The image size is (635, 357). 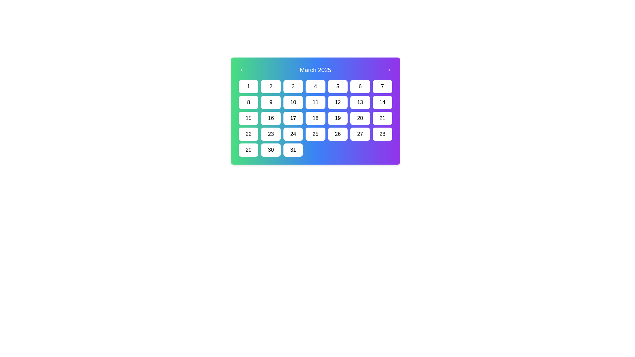 I want to click on the text element displaying the number '22', styled as a button with a white background, indicating interactivity, located in the fourth row and first column of the calendar layout for keyboard-based interaction, so click(x=248, y=134).